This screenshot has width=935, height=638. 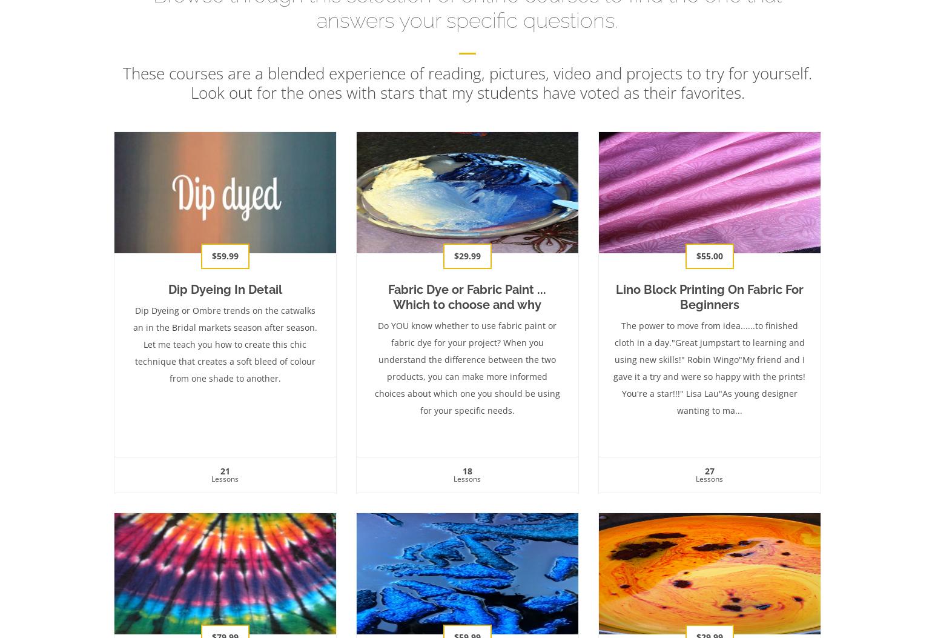 I want to click on 'The power to move from idea......to finished cloth in a day."Great jumpstart to learning and using new skills!" Robin Wingo"My friend and I gave it a try and were so happy with the prints! You're a star!!!" Lisa Lau"As young designer wanting to ma...', so click(x=709, y=367).